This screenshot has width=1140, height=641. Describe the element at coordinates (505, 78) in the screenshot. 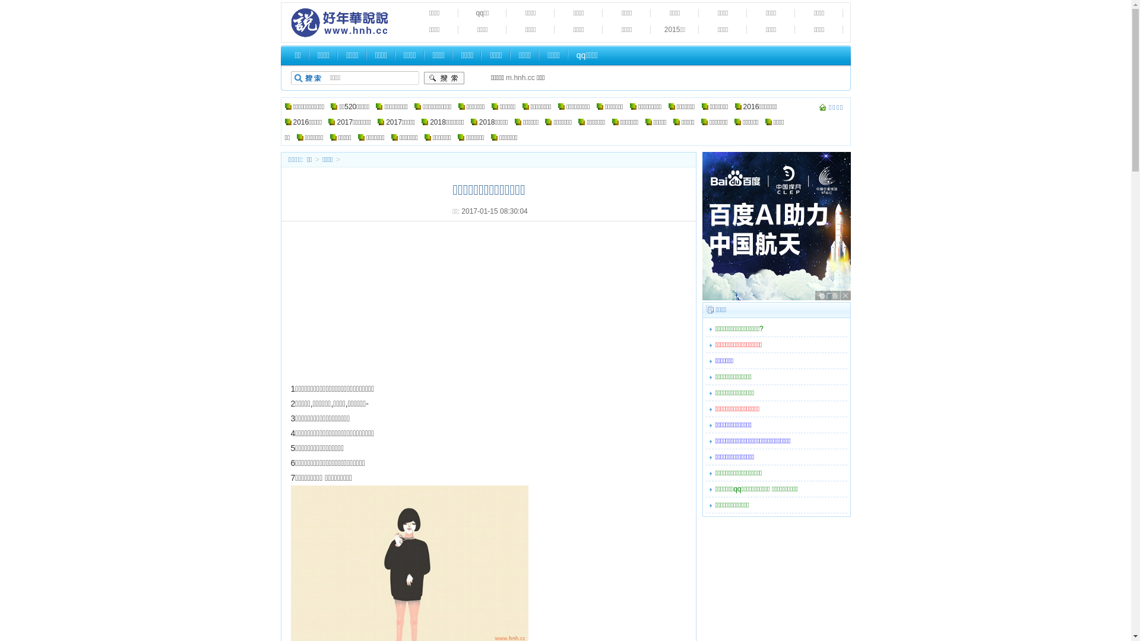

I see `'m.hnh.cc'` at that location.